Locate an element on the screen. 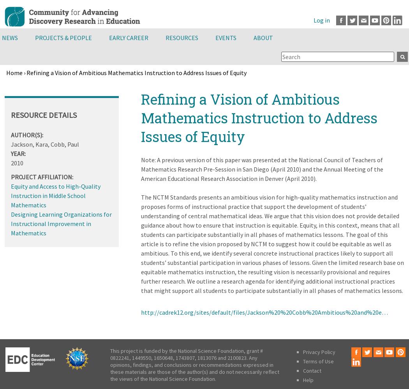  'Jackson, Kara, Cobb, Paul' is located at coordinates (44, 144).